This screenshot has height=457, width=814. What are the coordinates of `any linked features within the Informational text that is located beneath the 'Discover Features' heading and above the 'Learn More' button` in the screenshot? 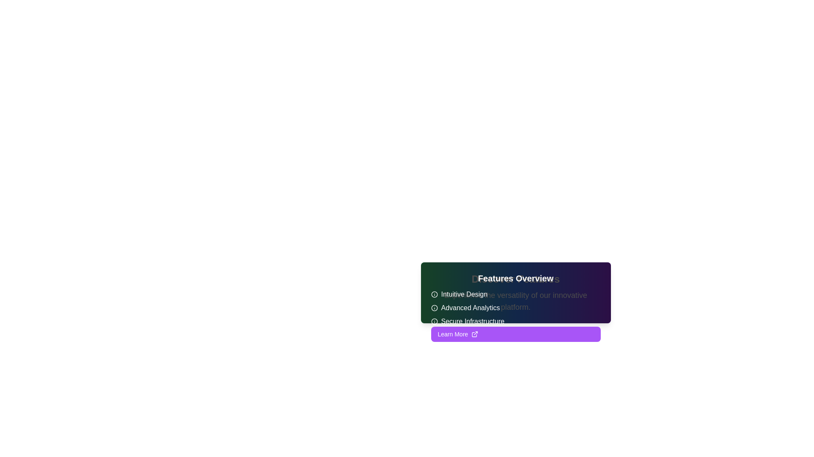 It's located at (515, 299).